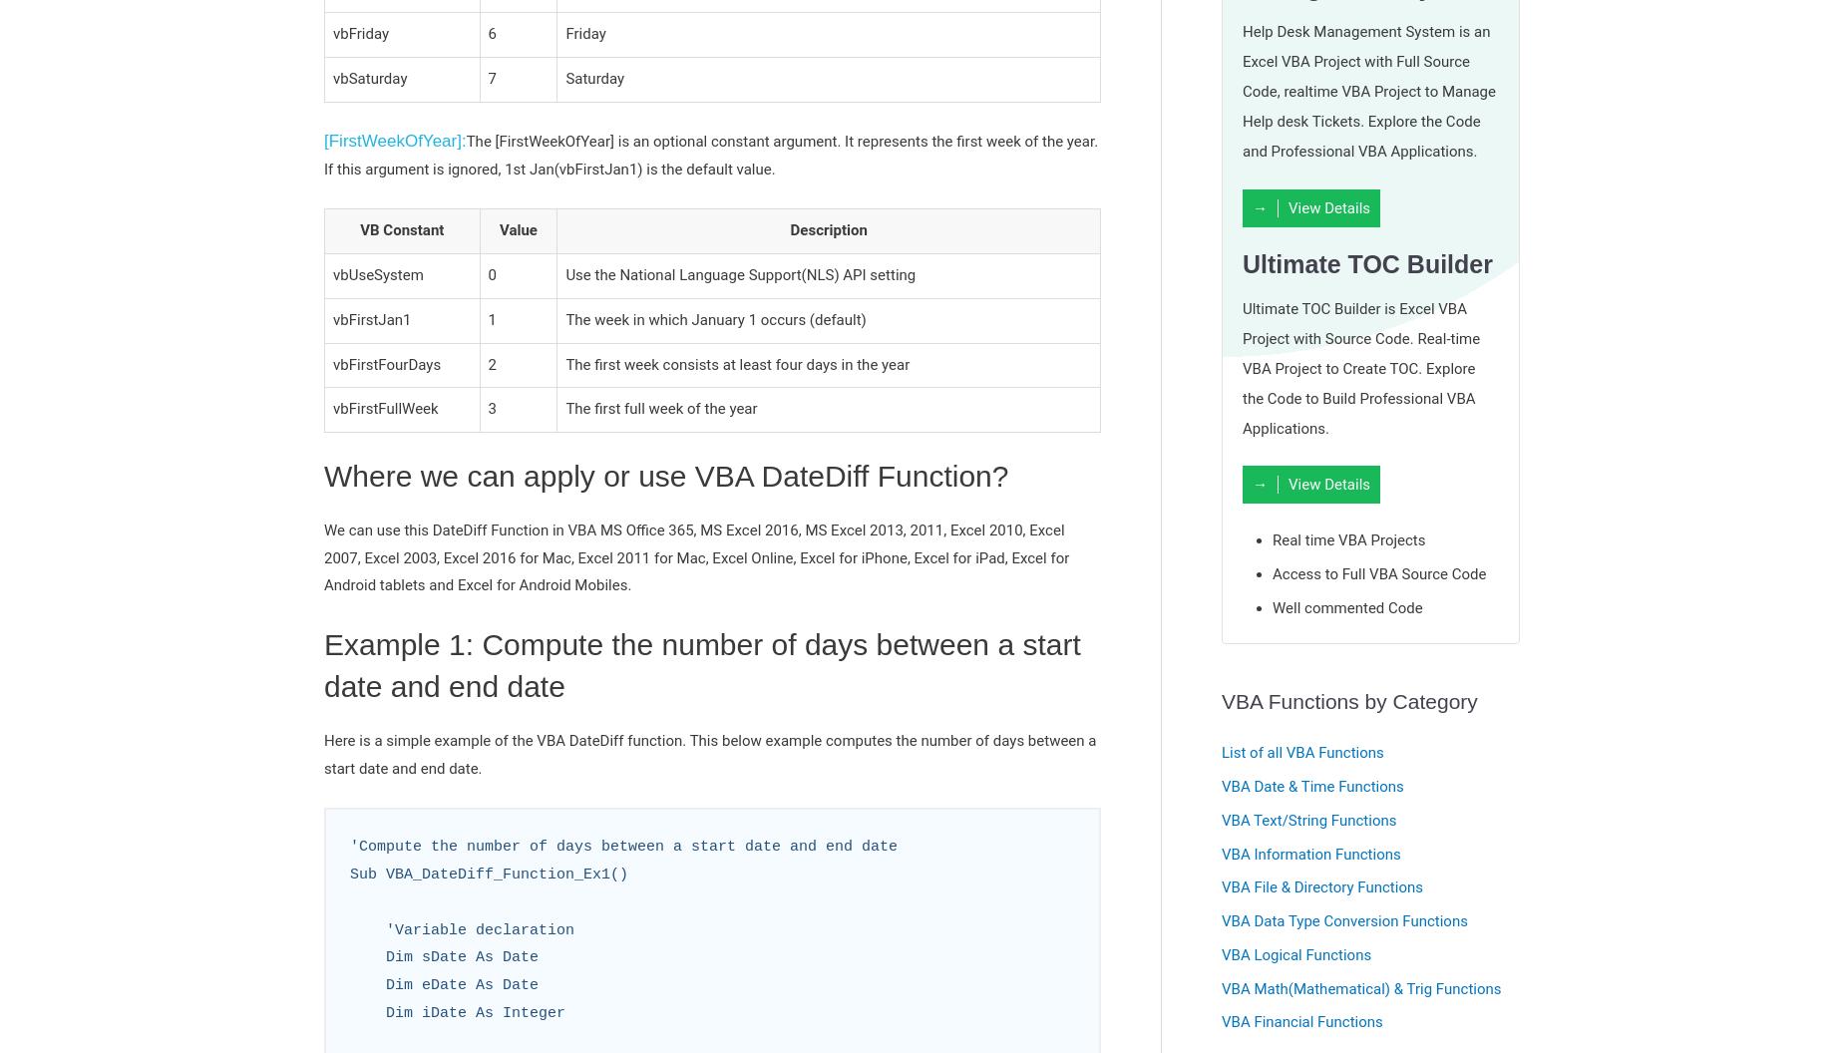 Image resolution: width=1845 pixels, height=1053 pixels. Describe the element at coordinates (1300, 1020) in the screenshot. I see `'VBA Financial Functions'` at that location.